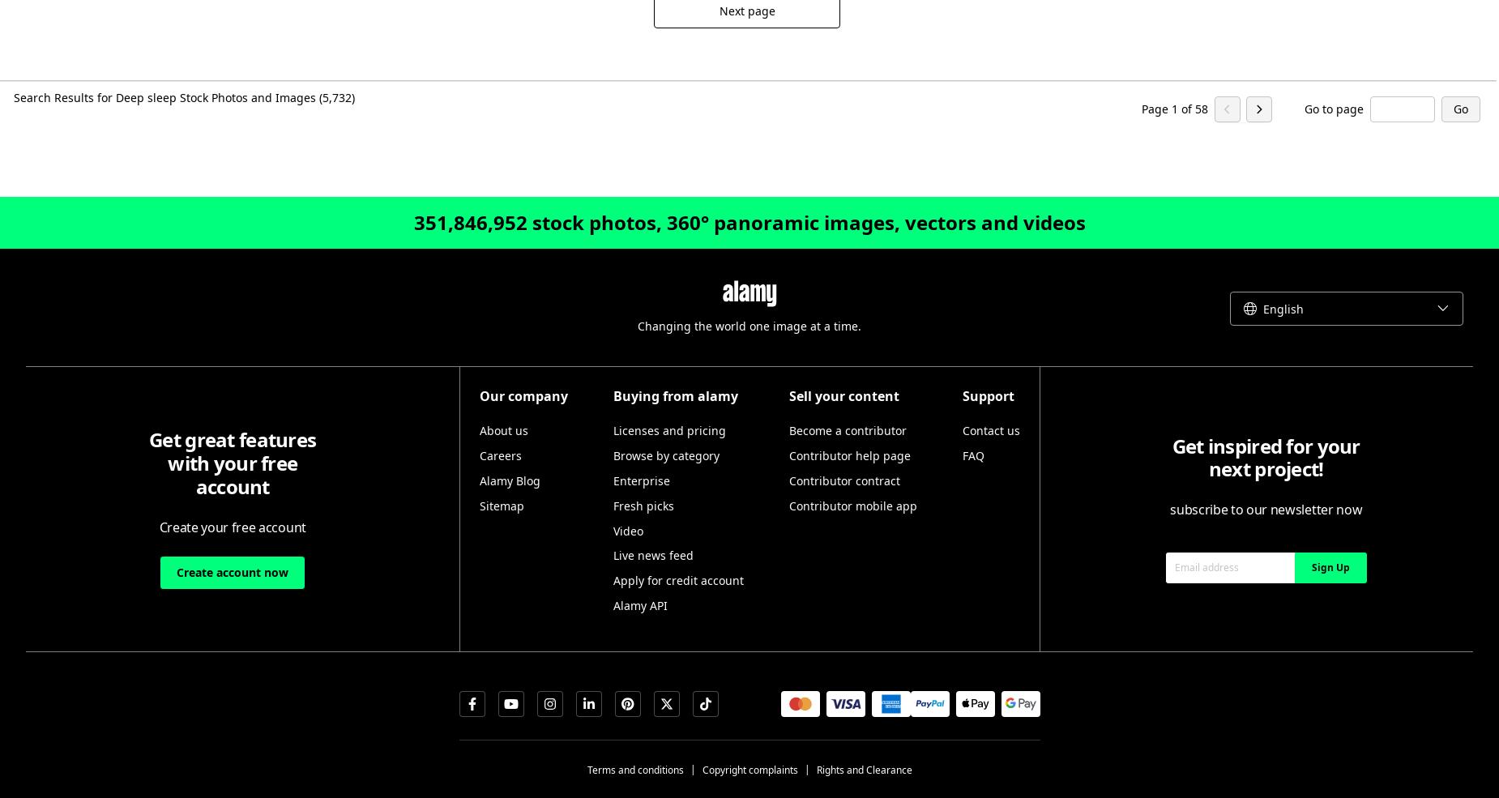 The width and height of the screenshot is (1499, 798). I want to click on 'FAQ', so click(960, 455).